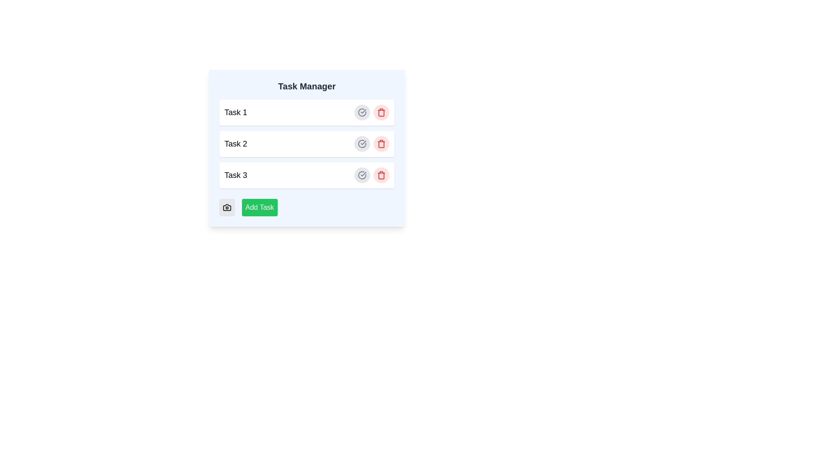  What do you see at coordinates (381, 112) in the screenshot?
I see `the trash can icon located at the far right of the row associated with 'Task 1' in the task management list for visual feedback` at bounding box center [381, 112].